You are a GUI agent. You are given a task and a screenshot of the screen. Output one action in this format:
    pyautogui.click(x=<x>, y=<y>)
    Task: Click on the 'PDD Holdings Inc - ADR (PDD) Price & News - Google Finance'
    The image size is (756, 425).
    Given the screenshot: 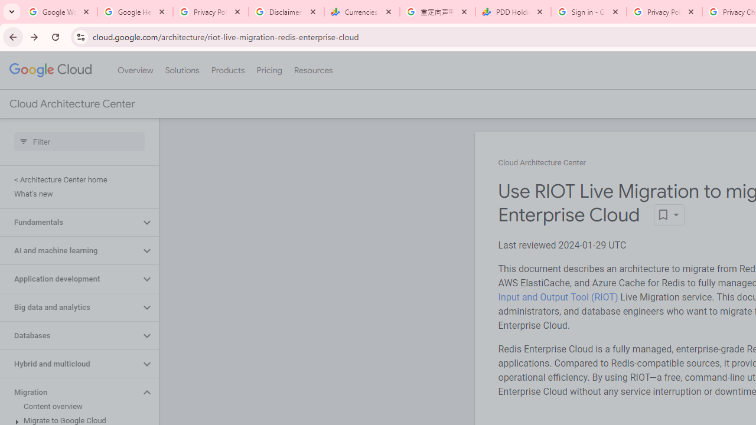 What is the action you would take?
    pyautogui.click(x=513, y=12)
    